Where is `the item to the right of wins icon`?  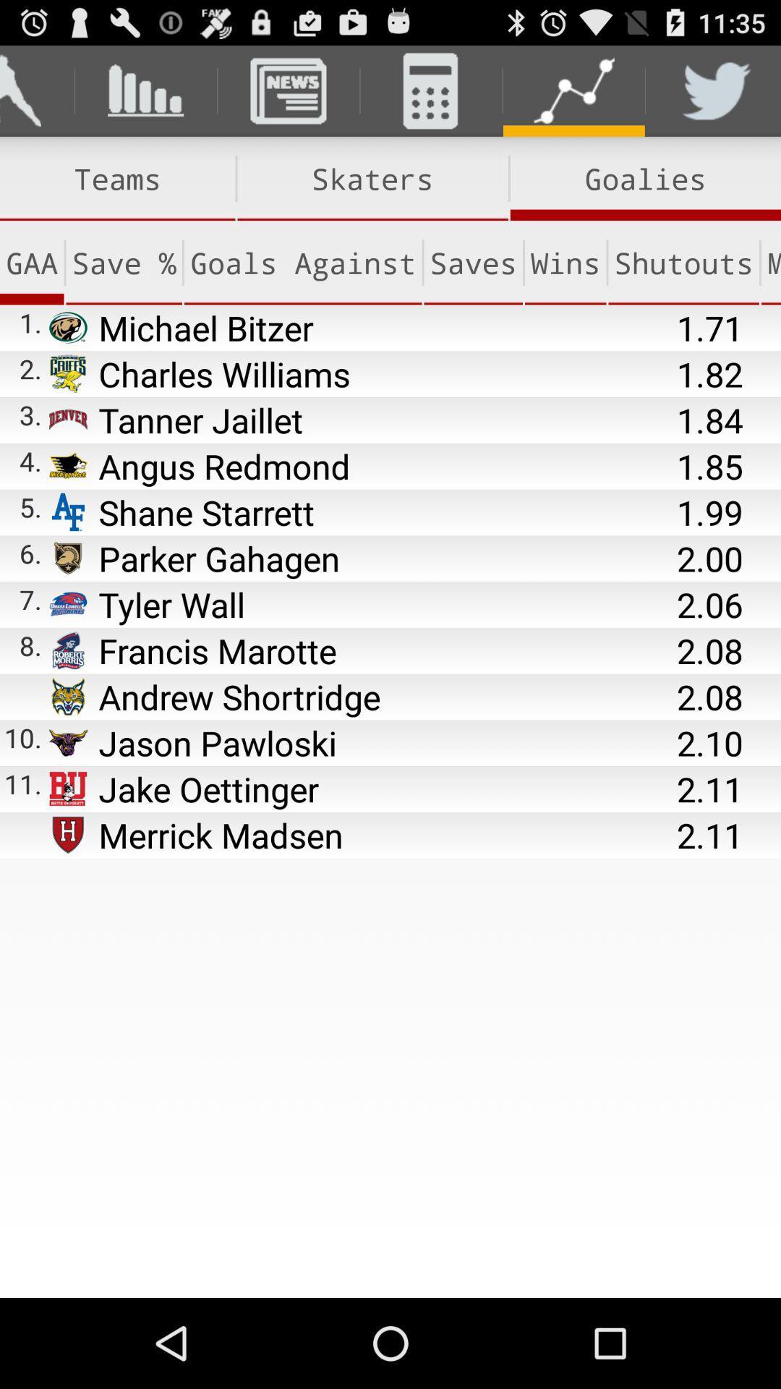
the item to the right of wins icon is located at coordinates (683, 263).